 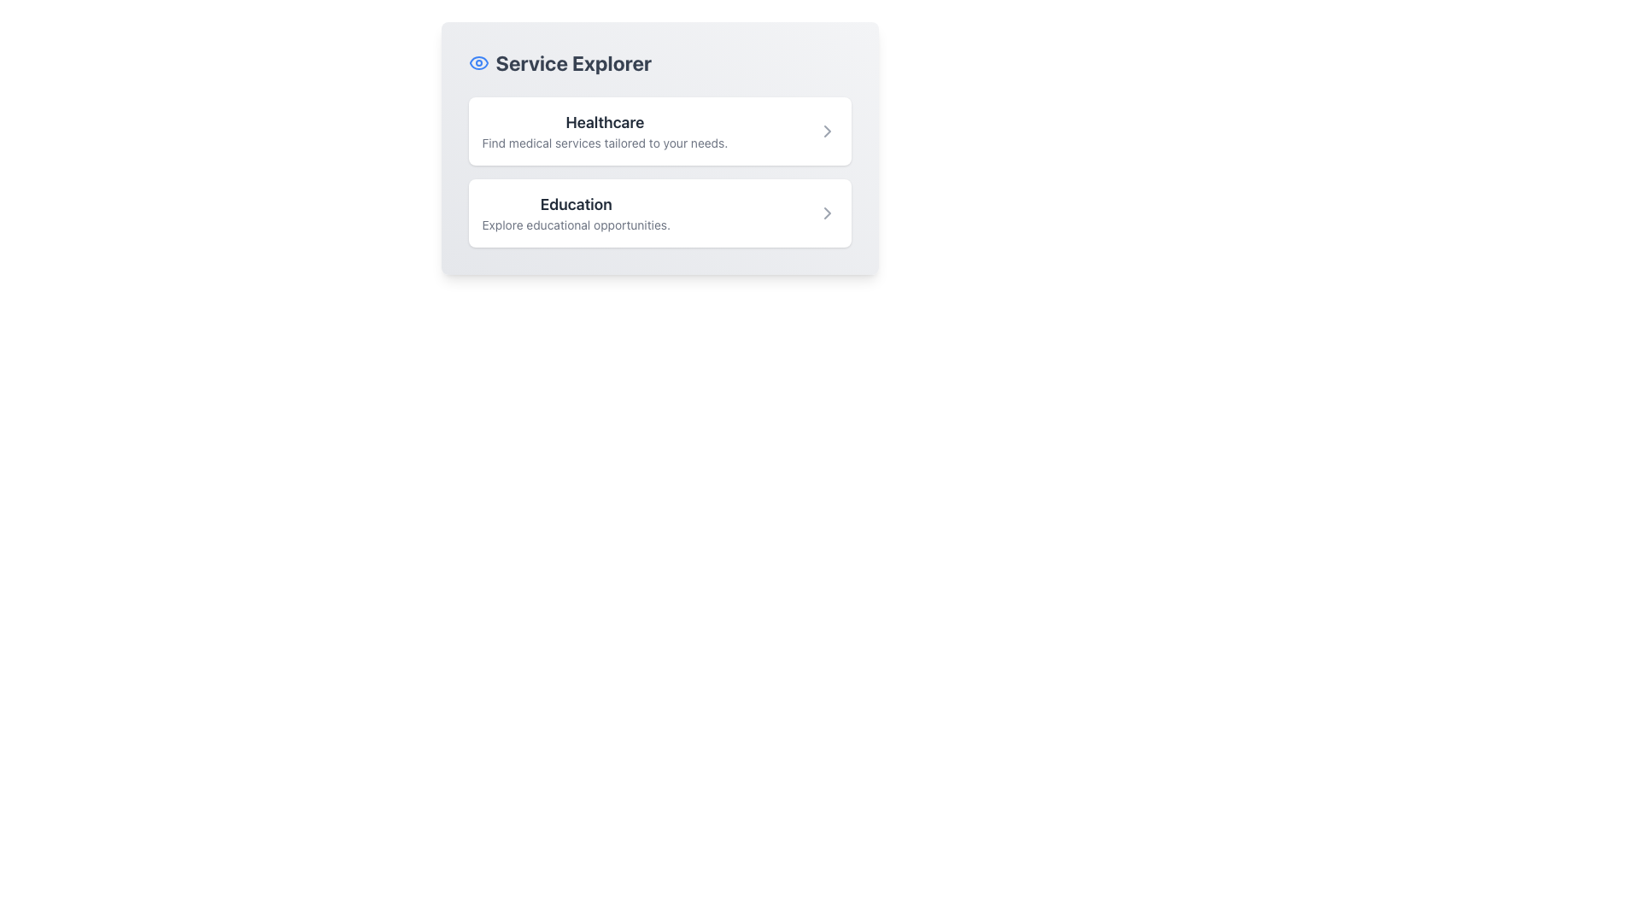 What do you see at coordinates (478, 61) in the screenshot?
I see `the decorative icon representing visibility or exploration located to the immediate left of the 'Service Explorer' text label` at bounding box center [478, 61].